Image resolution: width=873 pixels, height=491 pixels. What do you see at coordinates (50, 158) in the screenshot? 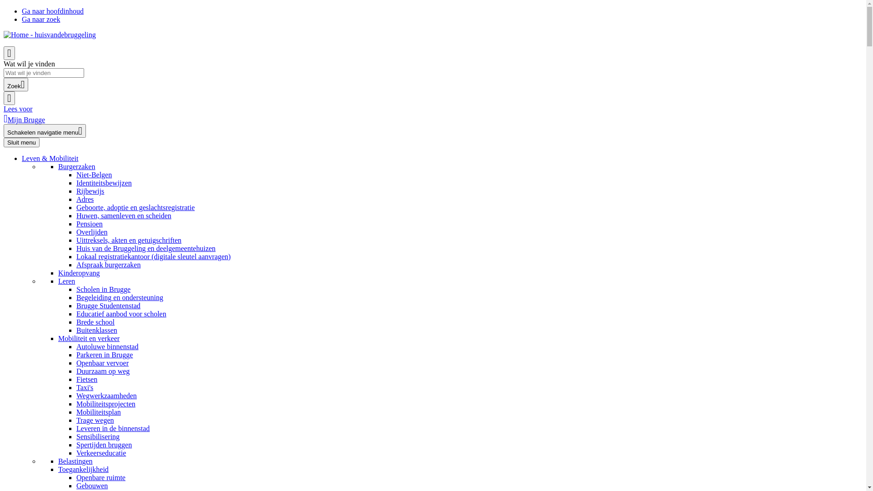
I see `'Leven & Mobiliteit'` at bounding box center [50, 158].